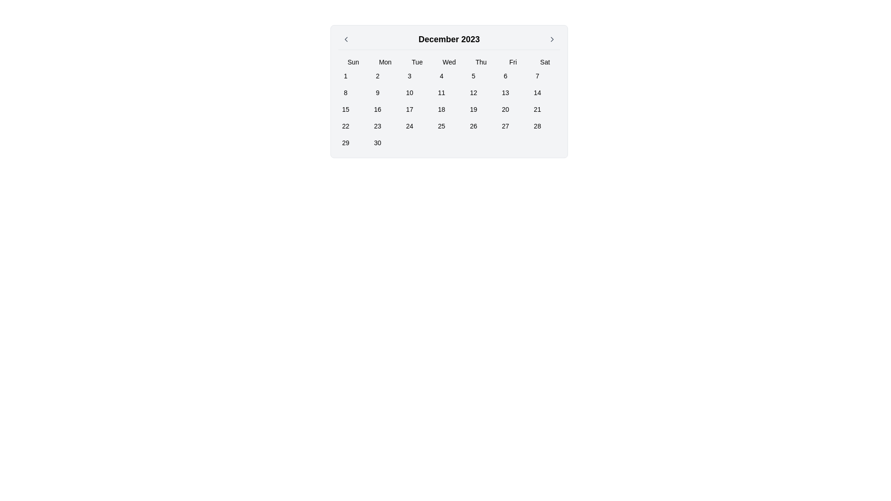 The height and width of the screenshot is (501, 891). Describe the element at coordinates (377, 93) in the screenshot. I see `the button representing the ninth date of December 2023 in the calendar, located in the second column of the second row under 'Mon'` at that location.